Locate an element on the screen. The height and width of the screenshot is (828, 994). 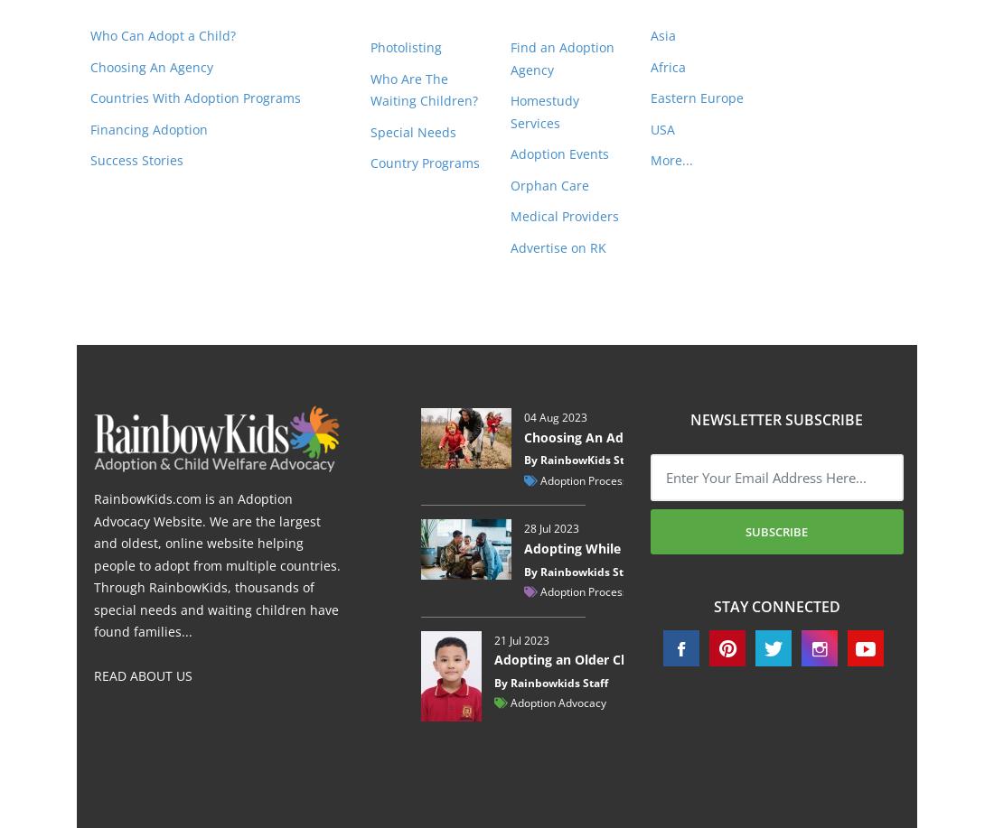
'Financing Adoption' is located at coordinates (148, 128).